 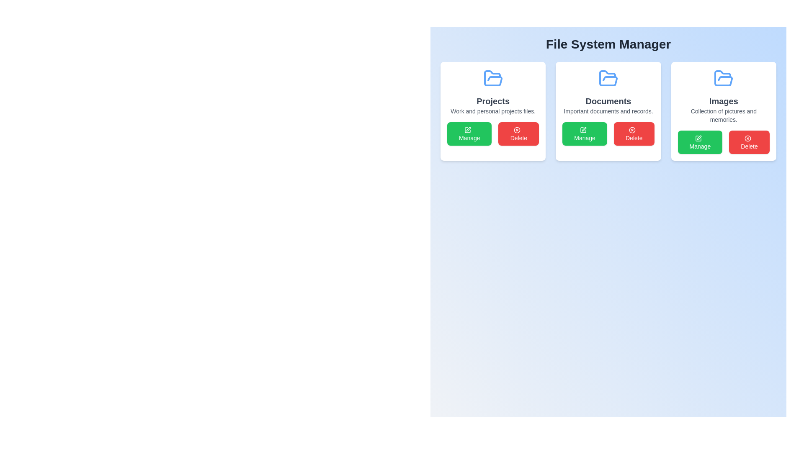 I want to click on the icon indicating the purpose of the 'Delete' button, which is positioned to the left of the 'Delete' text below the 'Documents' section, so click(x=747, y=138).